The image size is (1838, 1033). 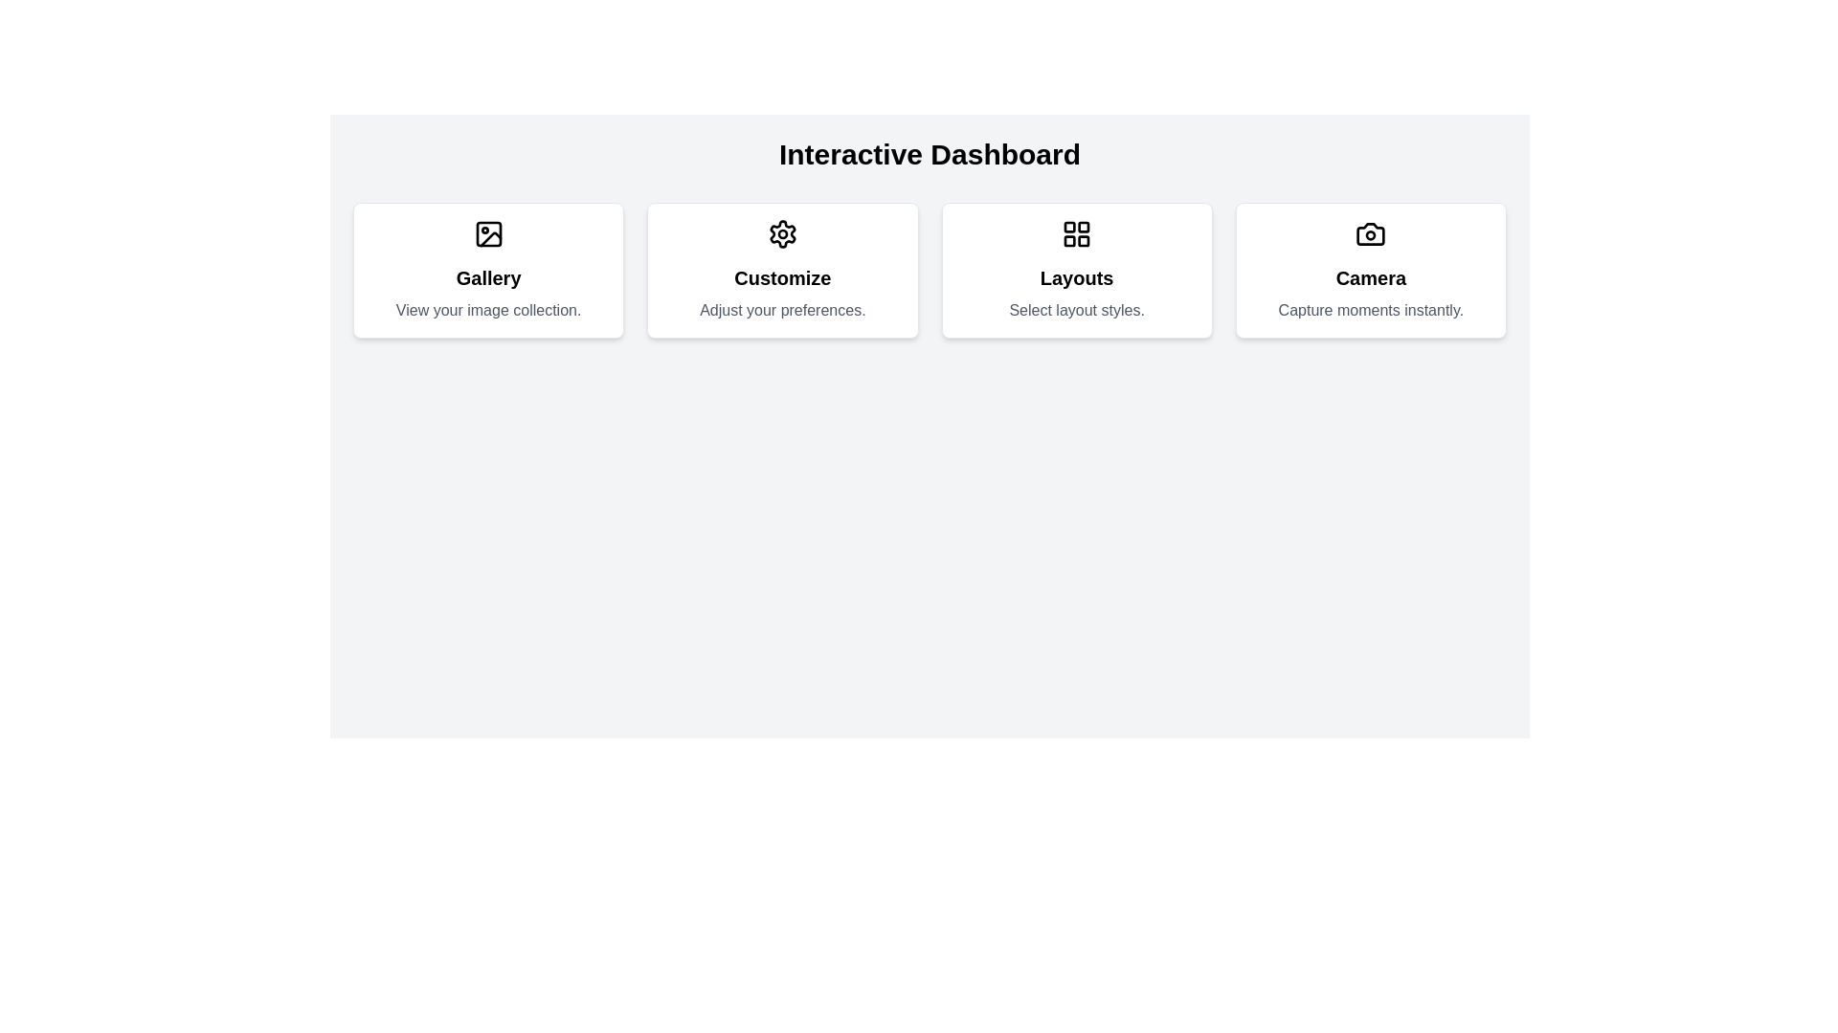 What do you see at coordinates (1077, 277) in the screenshot?
I see `the bold text label reading 'Layouts', which is centrally positioned within the third box from the left in a row of four interactive boxes` at bounding box center [1077, 277].